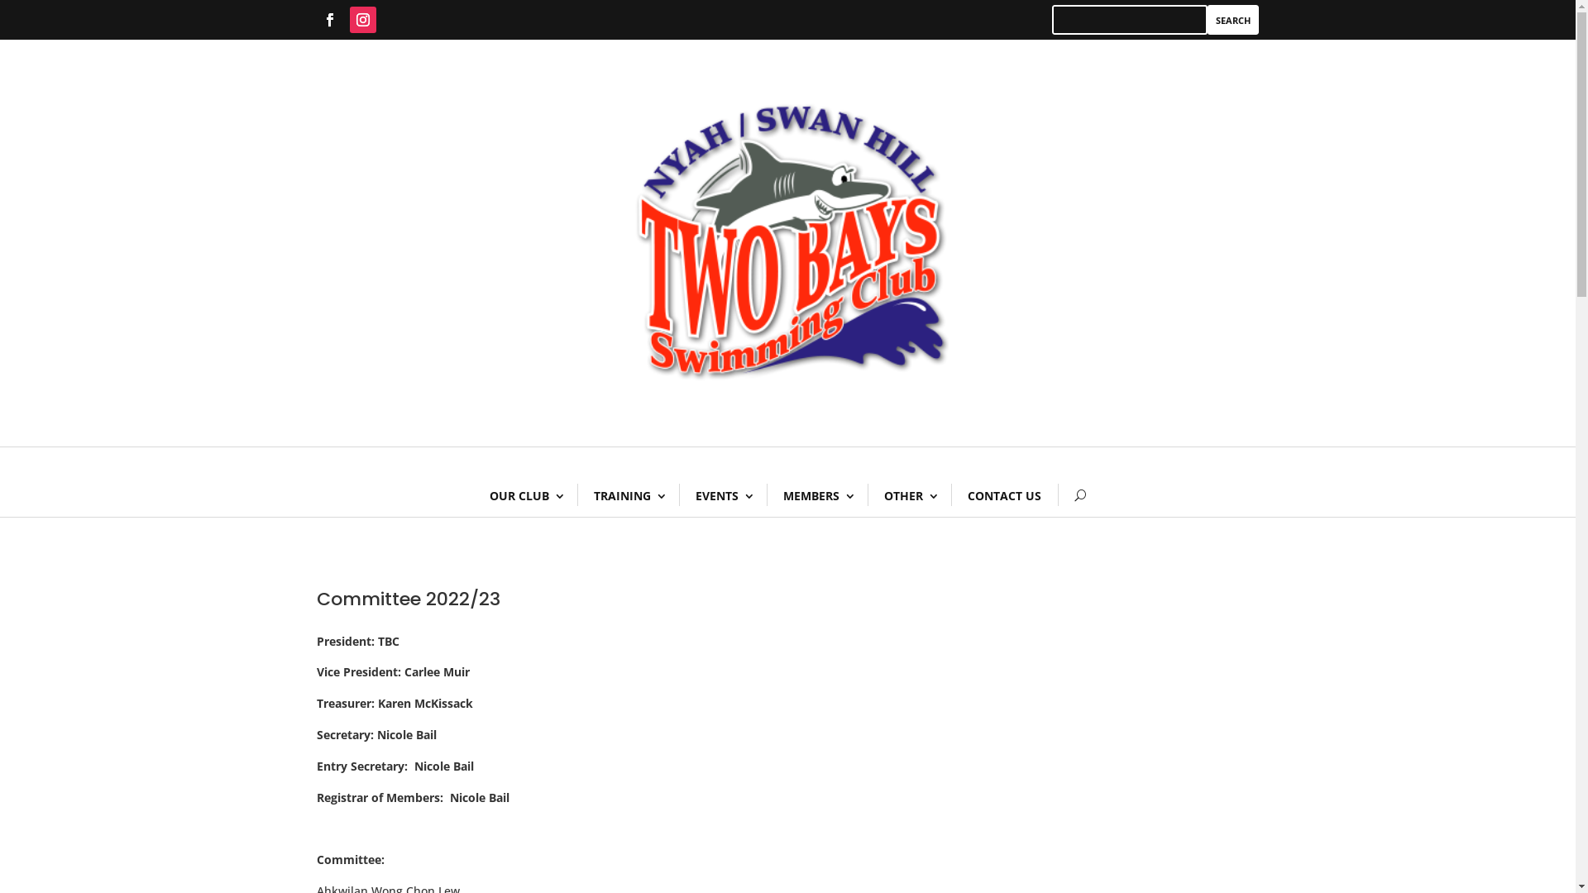 The height and width of the screenshot is (893, 1588). I want to click on 'Follow on Facebook', so click(329, 19).